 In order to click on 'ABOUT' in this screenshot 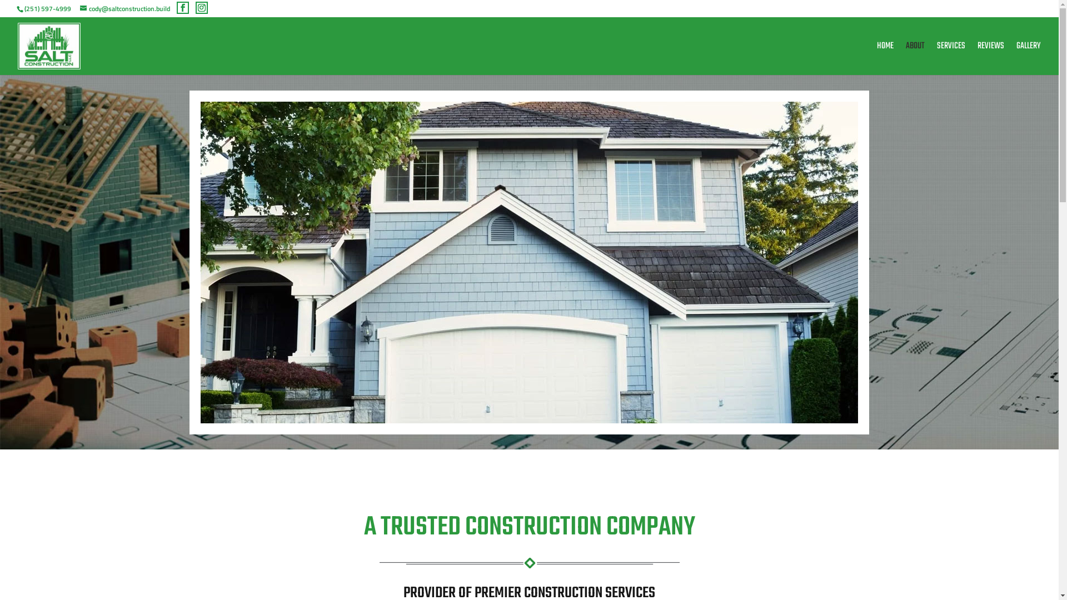, I will do `click(915, 58)`.